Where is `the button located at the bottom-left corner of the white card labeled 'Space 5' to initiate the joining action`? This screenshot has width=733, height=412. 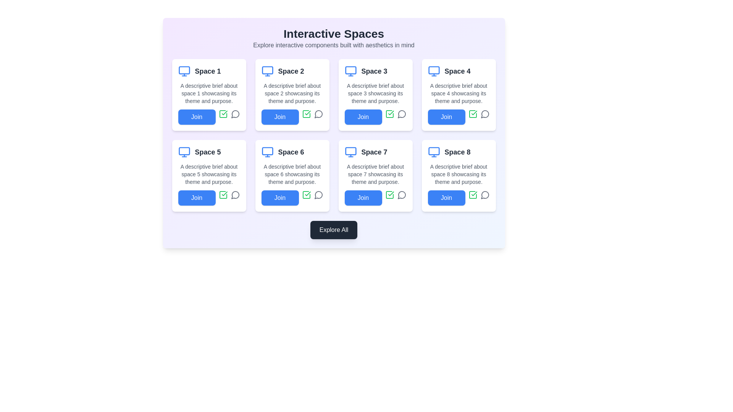 the button located at the bottom-left corner of the white card labeled 'Space 5' to initiate the joining action is located at coordinates (209, 198).